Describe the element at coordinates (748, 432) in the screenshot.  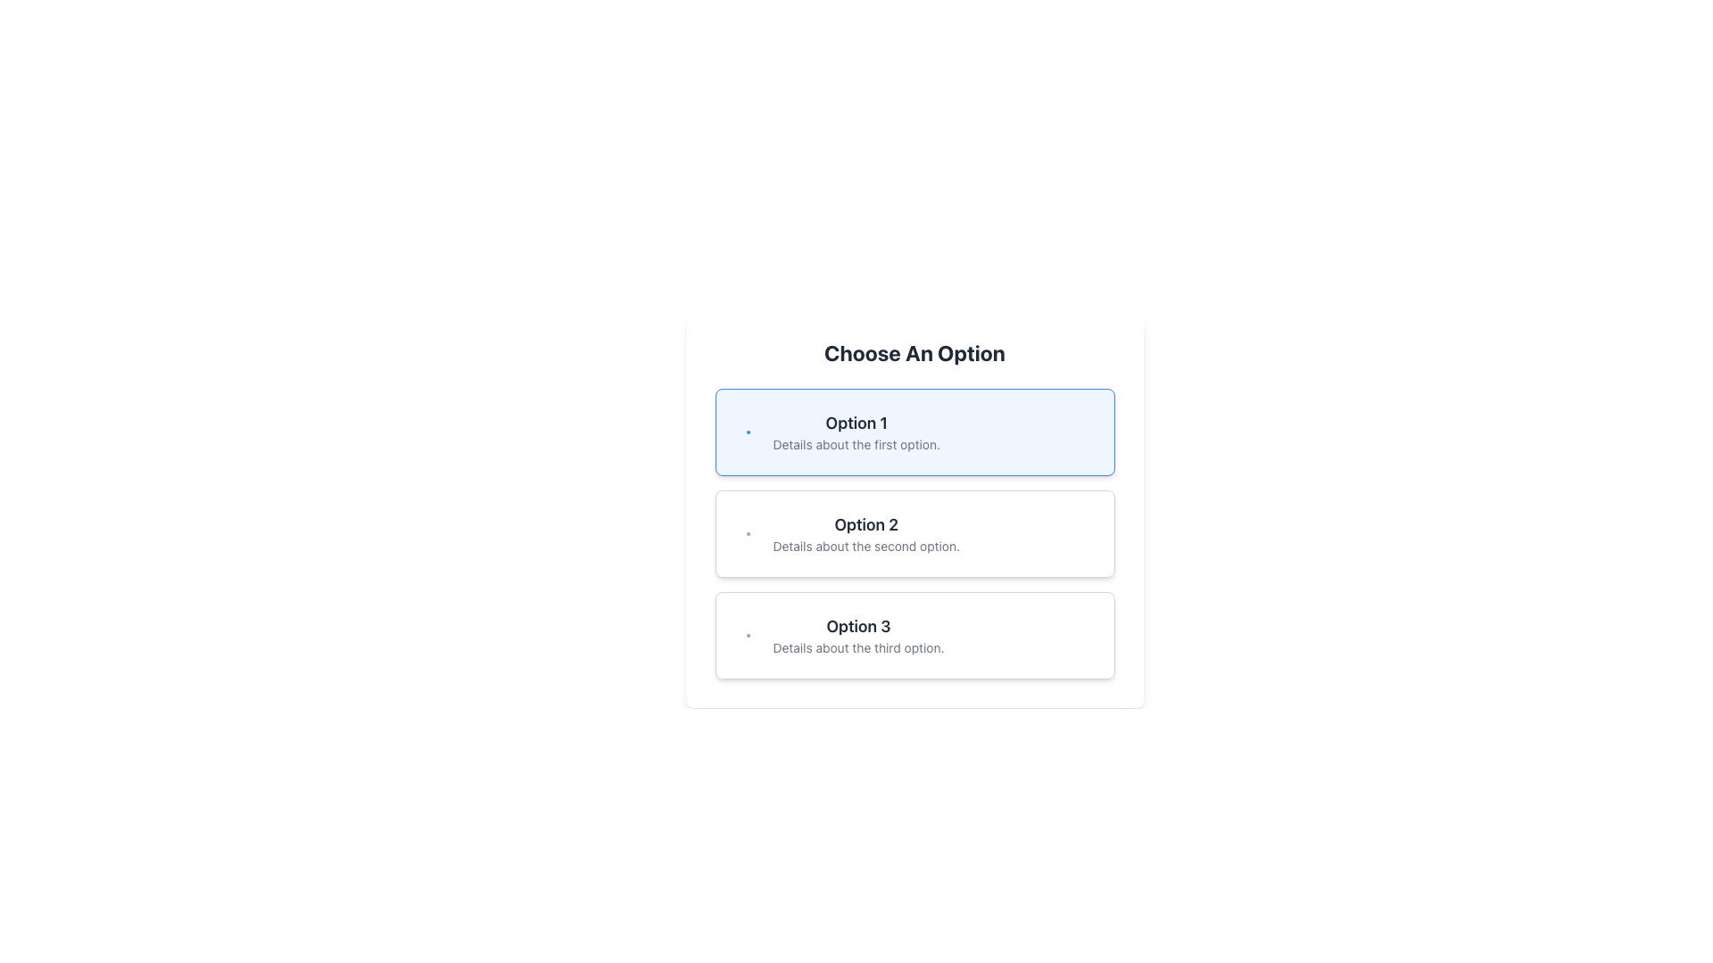
I see `the decorative icon located at the top-left corner of the card labeled 'Option 1', adjacent to the text content` at that location.